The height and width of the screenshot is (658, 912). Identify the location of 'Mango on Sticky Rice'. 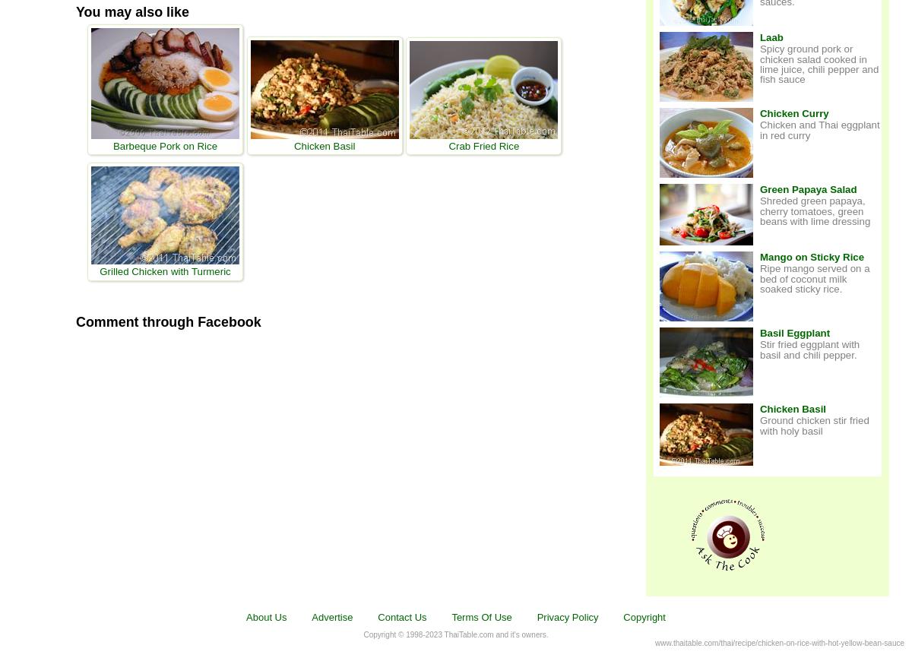
(759, 256).